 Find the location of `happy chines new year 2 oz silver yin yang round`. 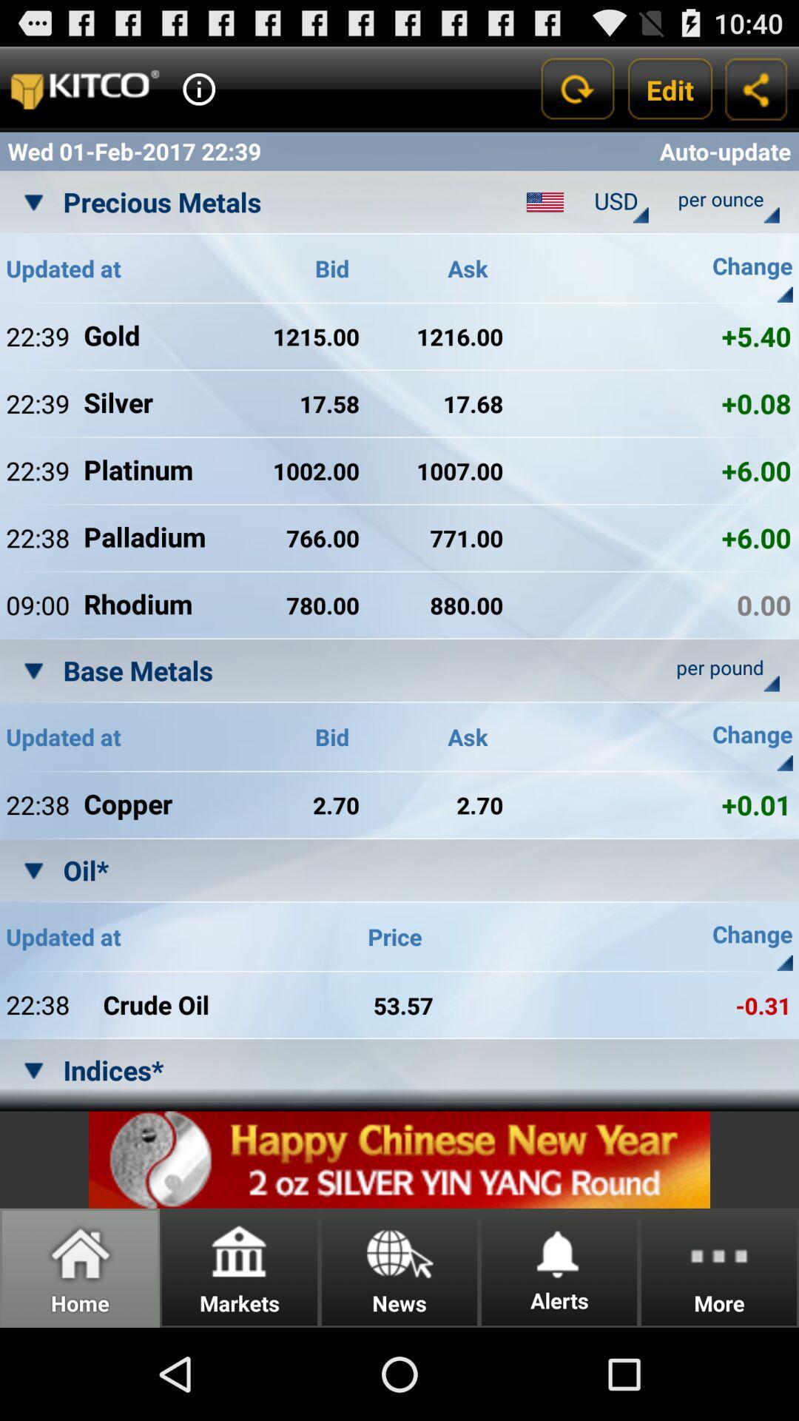

happy chines new year 2 oz silver yin yang round is located at coordinates (399, 1159).